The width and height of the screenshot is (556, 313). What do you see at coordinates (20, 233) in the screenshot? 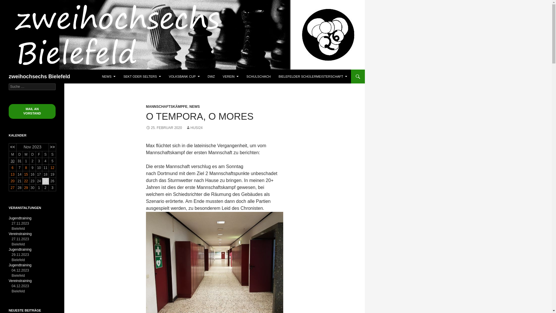
I see `'Vereinstraining'` at bounding box center [20, 233].